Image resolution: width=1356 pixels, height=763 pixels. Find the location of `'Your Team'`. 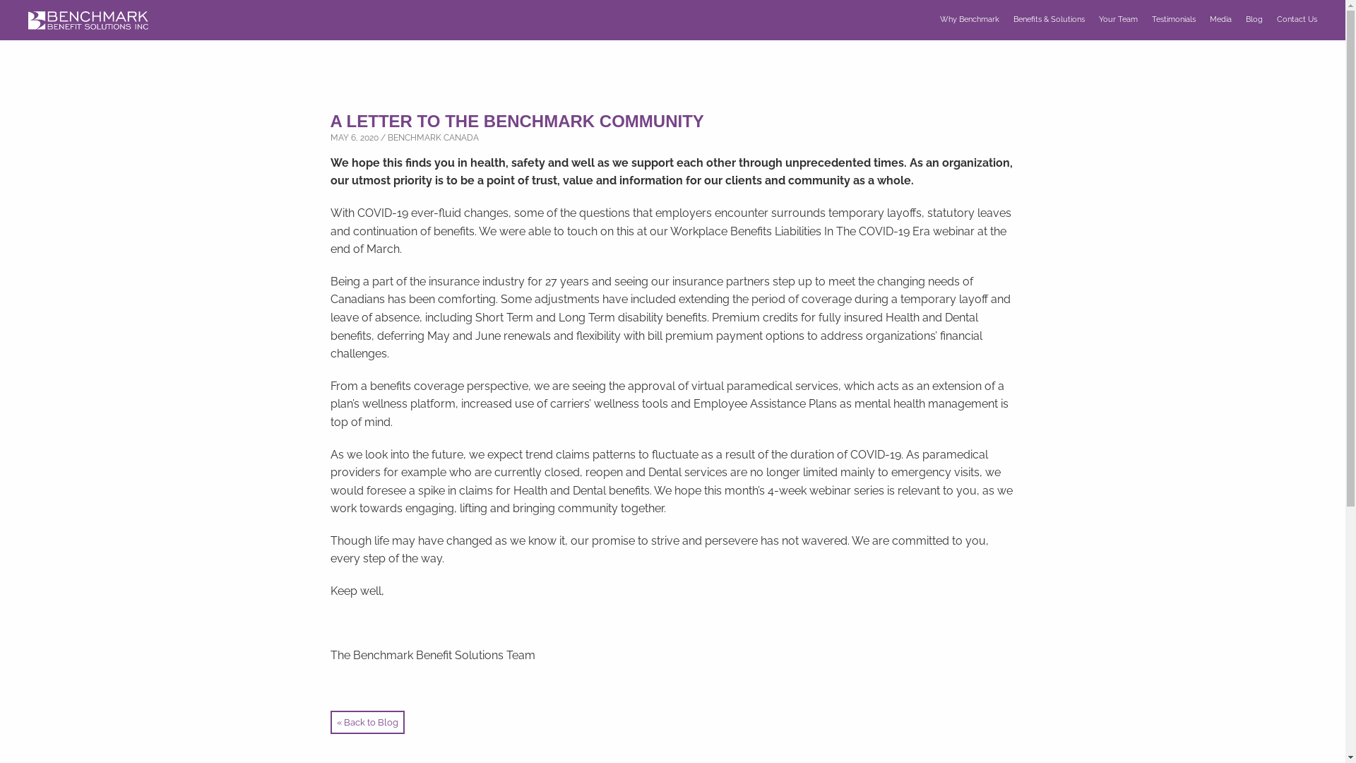

'Your Team' is located at coordinates (1117, 19).